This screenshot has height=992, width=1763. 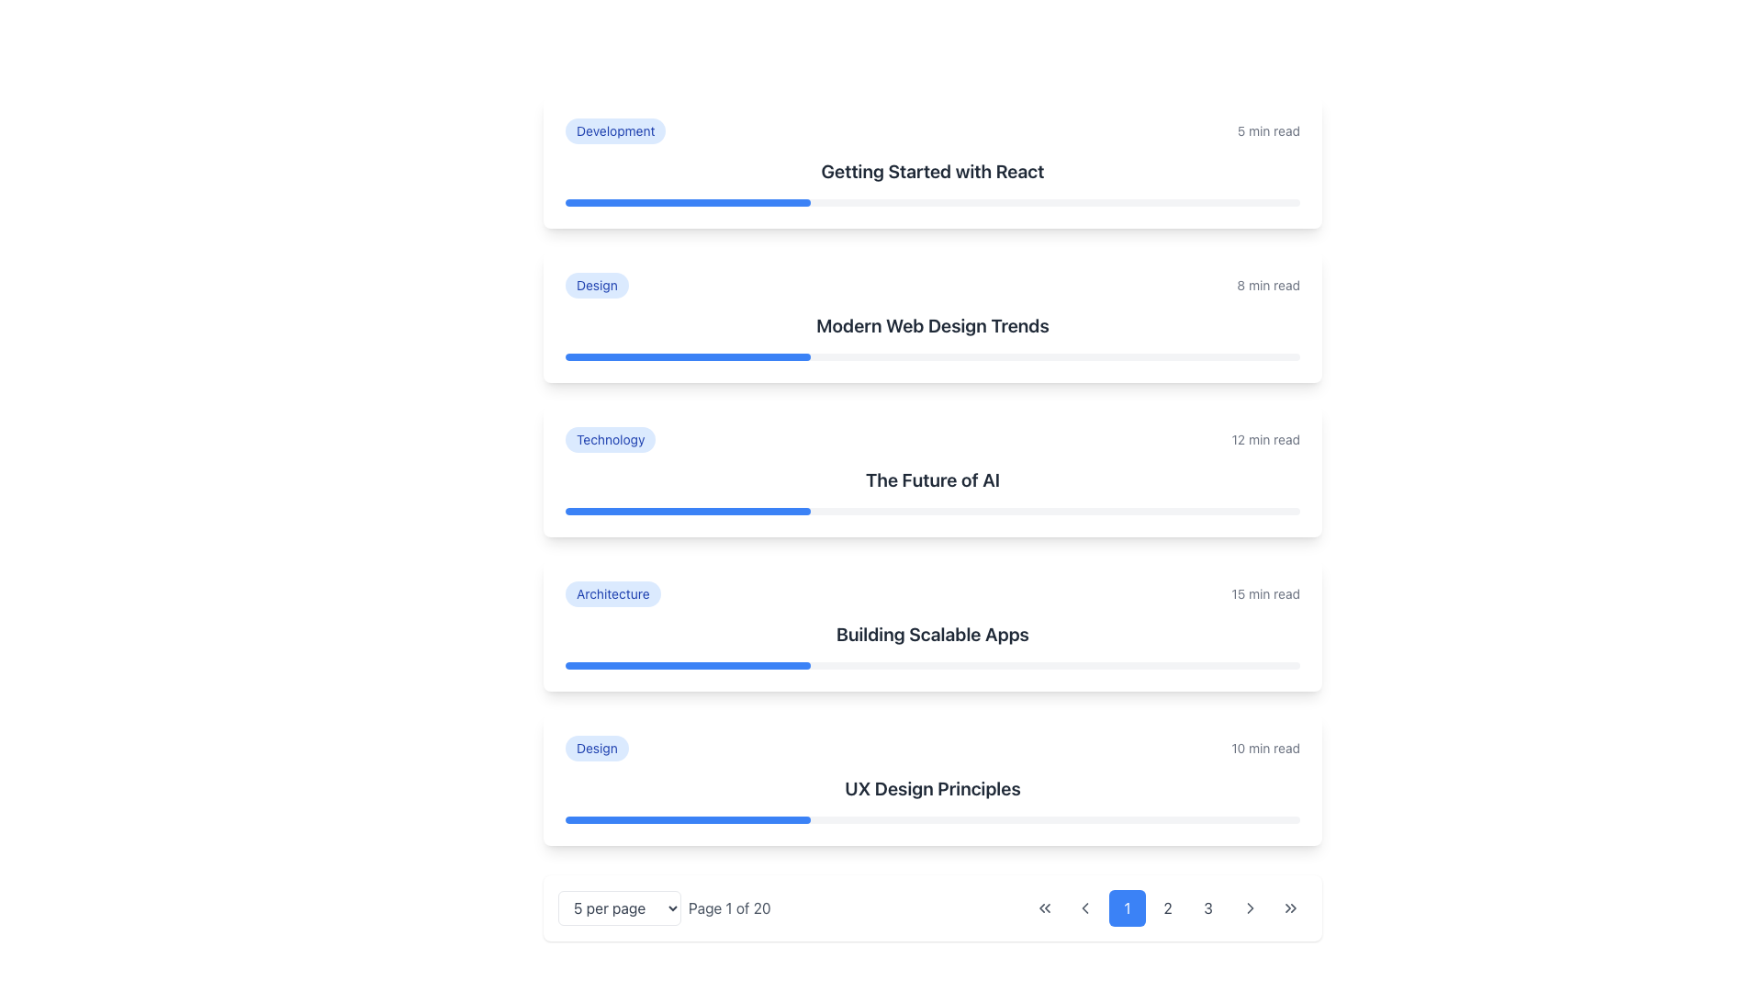 I want to click on the 'Next Page' button located at the lower-right corner of the pagination controls, so click(x=1250, y=907).